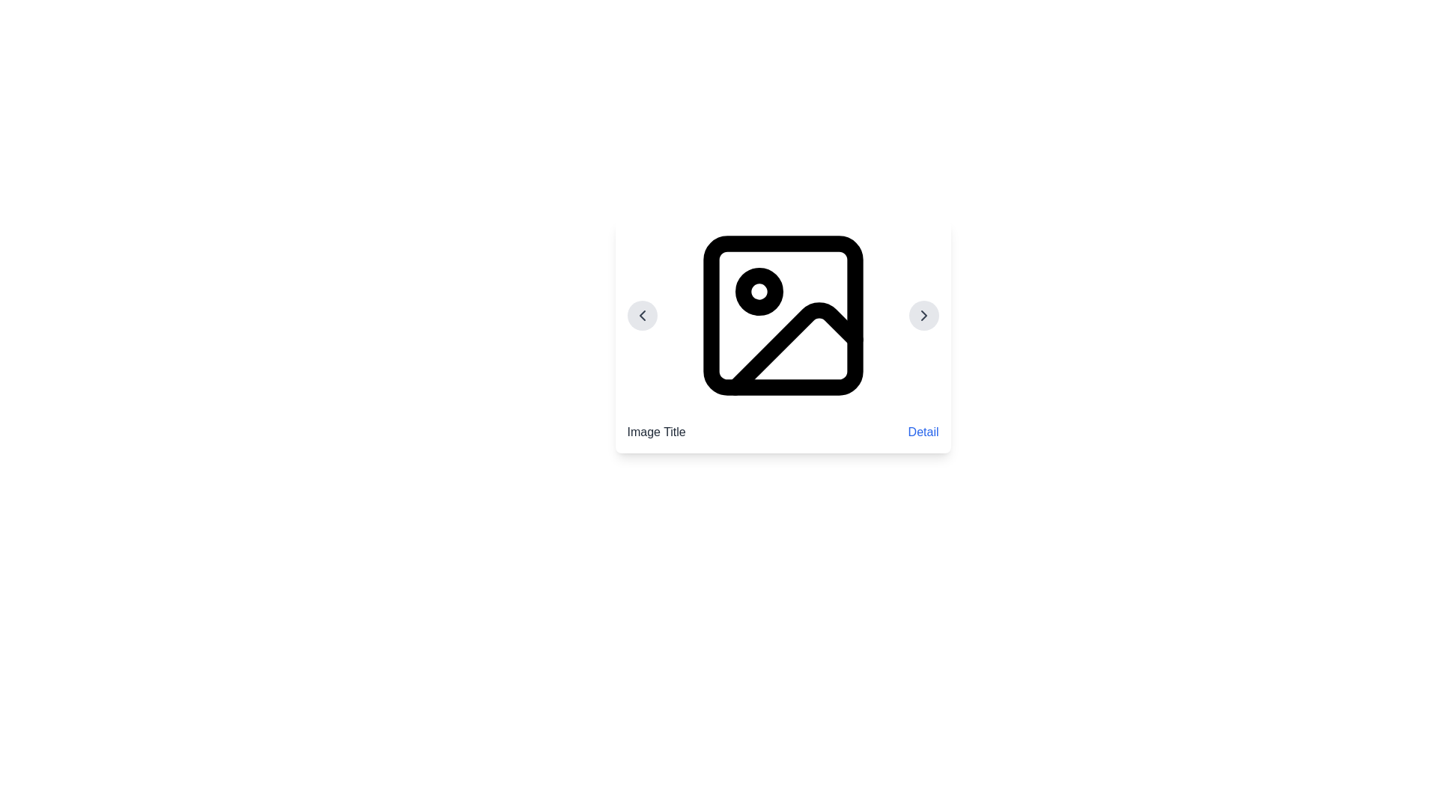  What do you see at coordinates (656, 432) in the screenshot?
I see `the descriptive text label located on the left side below the associated image, which provides a title for that image` at bounding box center [656, 432].